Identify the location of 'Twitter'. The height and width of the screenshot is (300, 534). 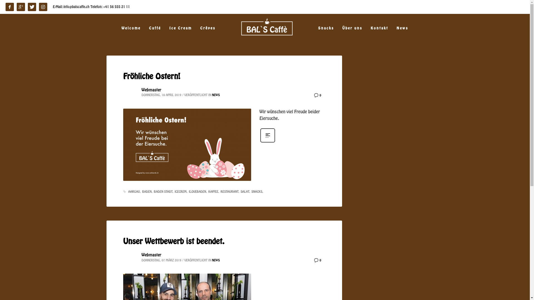
(32, 7).